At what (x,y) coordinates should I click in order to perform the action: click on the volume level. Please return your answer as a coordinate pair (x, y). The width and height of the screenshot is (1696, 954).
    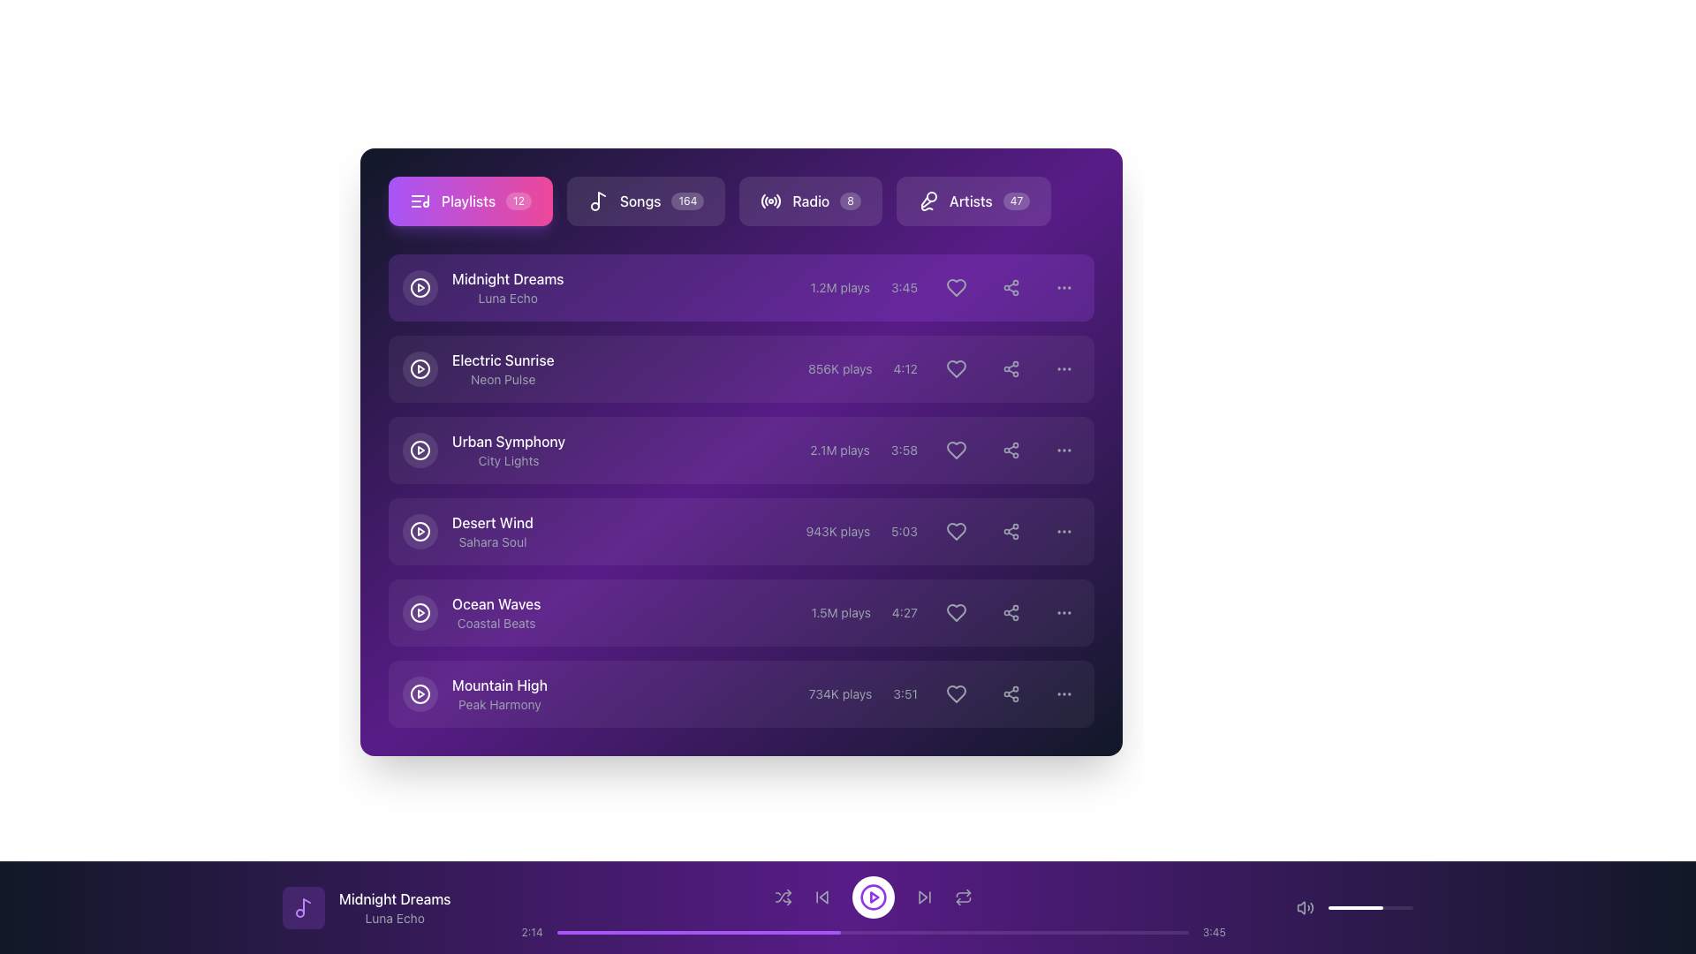
    Looking at the image, I should click on (1407, 908).